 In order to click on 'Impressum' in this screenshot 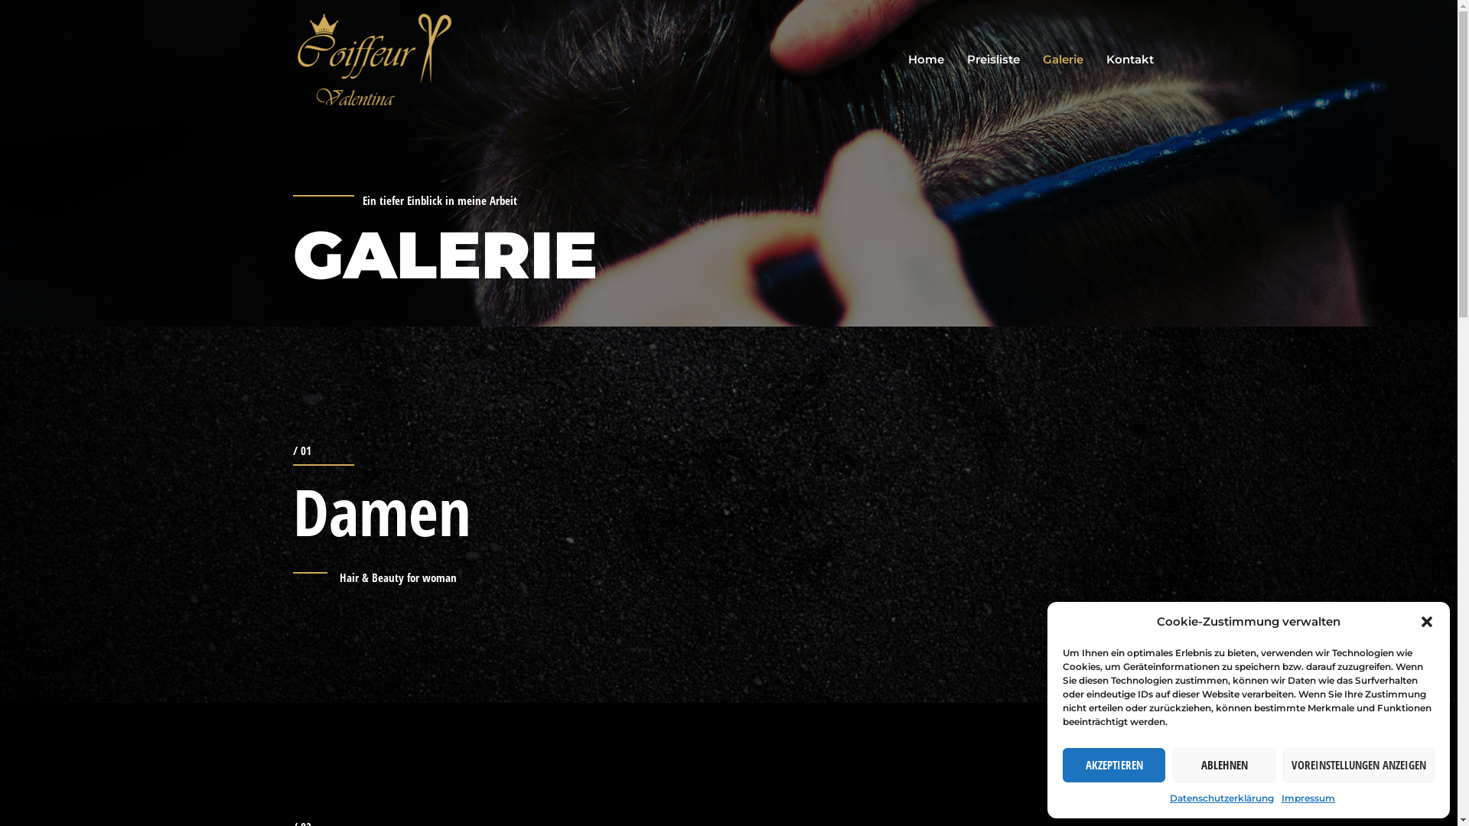, I will do `click(1307, 797)`.